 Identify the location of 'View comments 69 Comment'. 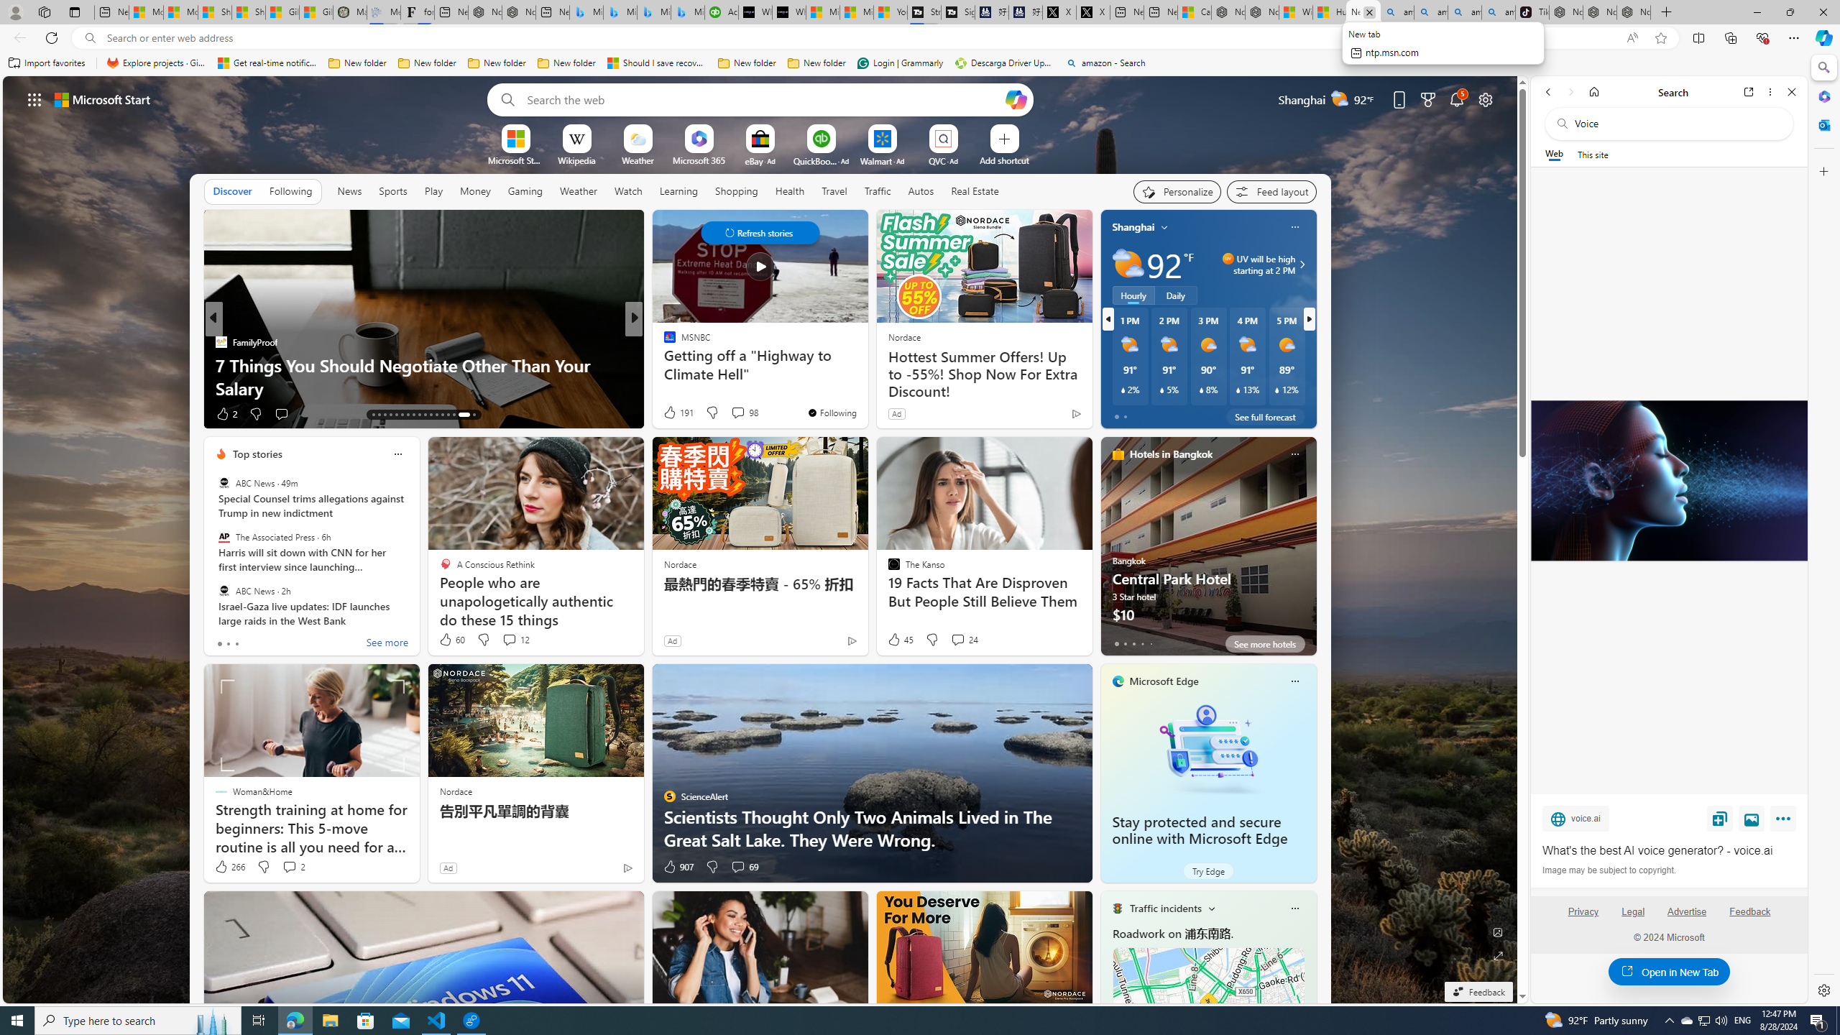
(737, 867).